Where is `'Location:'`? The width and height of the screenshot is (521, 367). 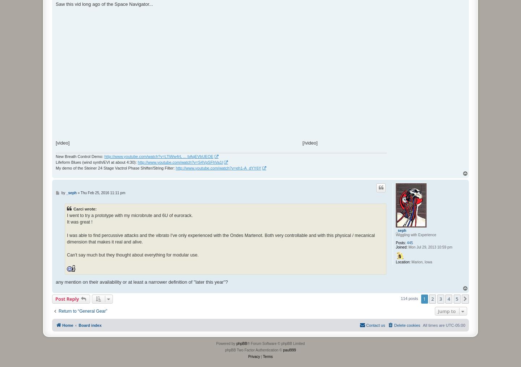
'Location:' is located at coordinates (402, 262).